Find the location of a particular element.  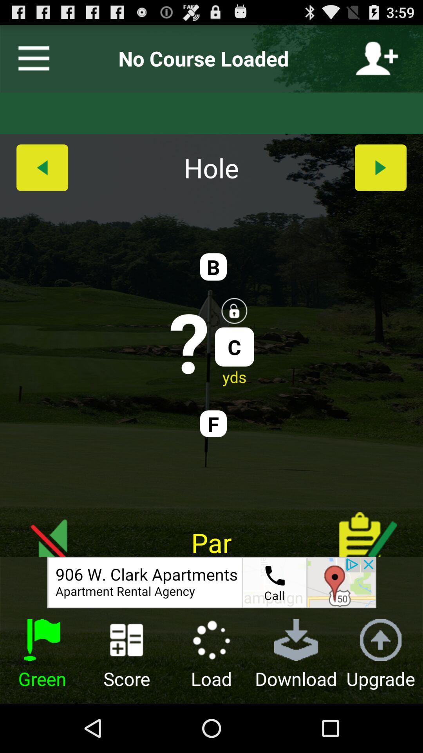

the menu icon is located at coordinates (30, 62).